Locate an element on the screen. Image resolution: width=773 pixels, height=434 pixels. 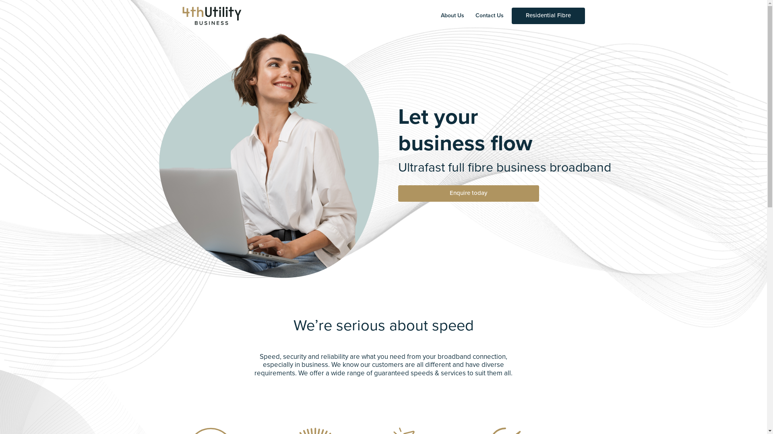
'Enquire today' is located at coordinates (468, 193).